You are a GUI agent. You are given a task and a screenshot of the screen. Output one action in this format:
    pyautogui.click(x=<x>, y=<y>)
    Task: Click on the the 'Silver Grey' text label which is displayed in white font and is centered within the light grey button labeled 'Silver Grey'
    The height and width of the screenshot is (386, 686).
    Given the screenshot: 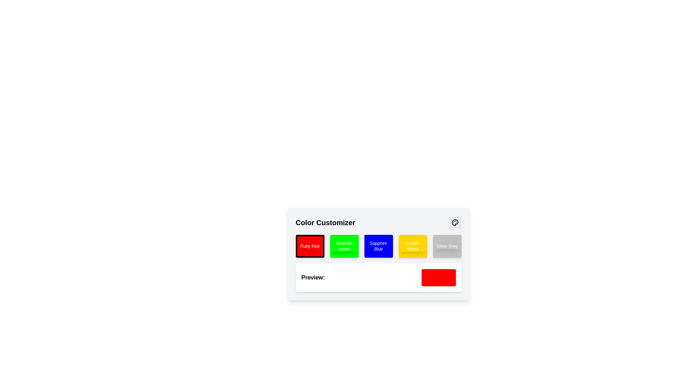 What is the action you would take?
    pyautogui.click(x=447, y=246)
    